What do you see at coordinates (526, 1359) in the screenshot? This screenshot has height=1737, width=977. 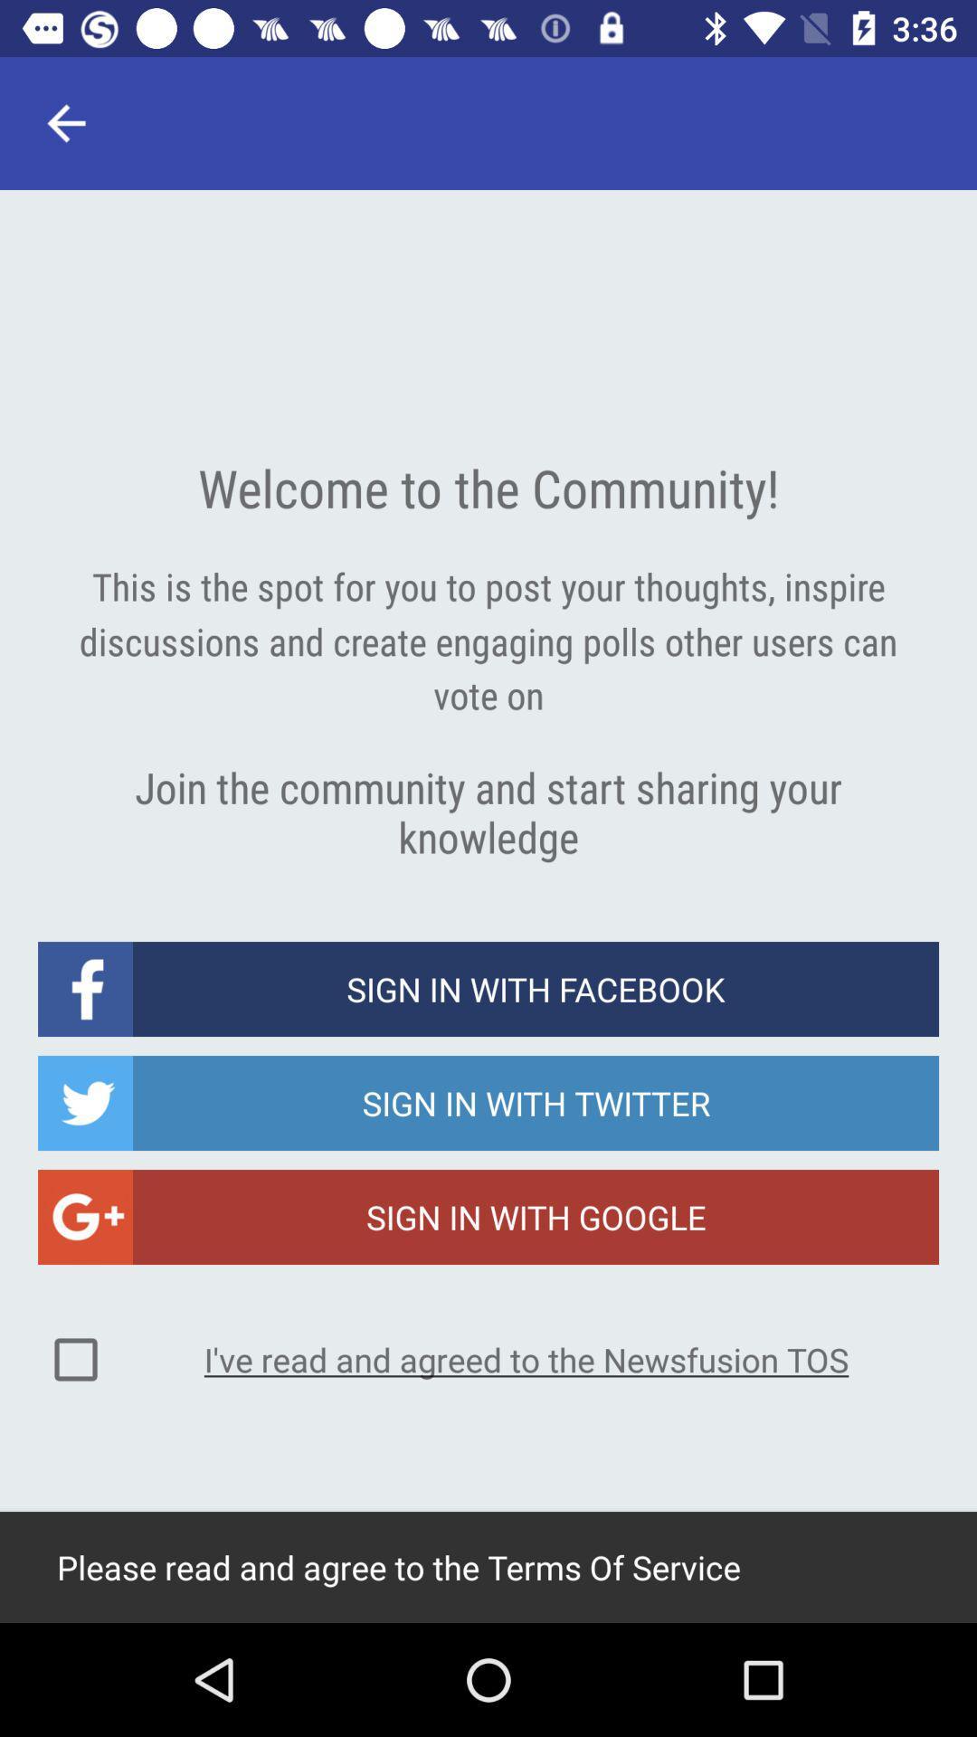 I see `the icon above the please read and` at bounding box center [526, 1359].